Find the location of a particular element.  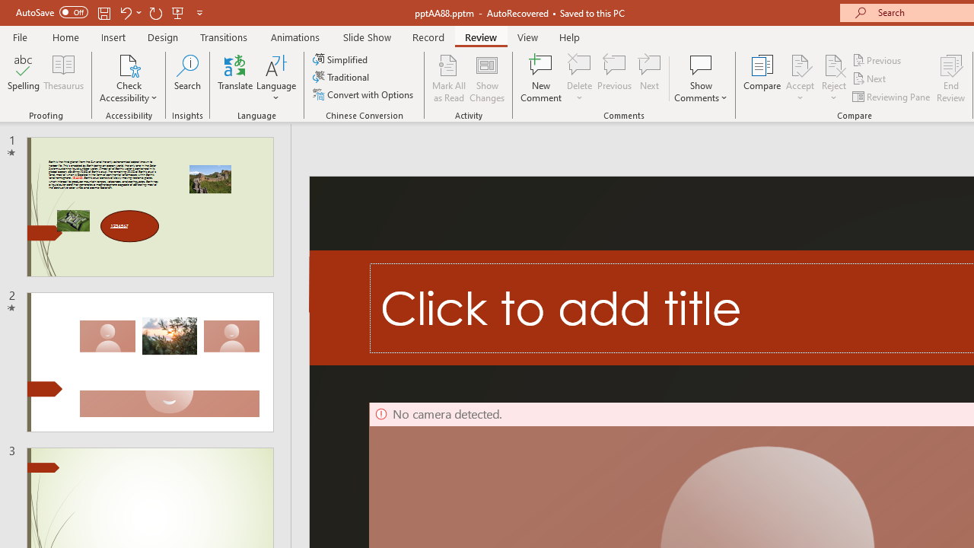

'Simplified' is located at coordinates (341, 59).